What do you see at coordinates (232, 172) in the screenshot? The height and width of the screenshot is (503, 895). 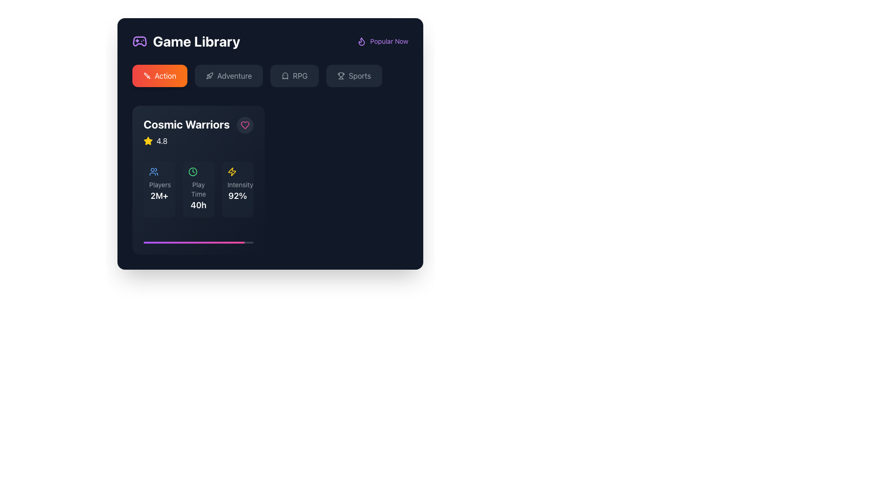 I see `the lightning bolt icon that visually represents 'Intensity' within the 'Intensity 92%' card to associate it with the textual context` at bounding box center [232, 172].